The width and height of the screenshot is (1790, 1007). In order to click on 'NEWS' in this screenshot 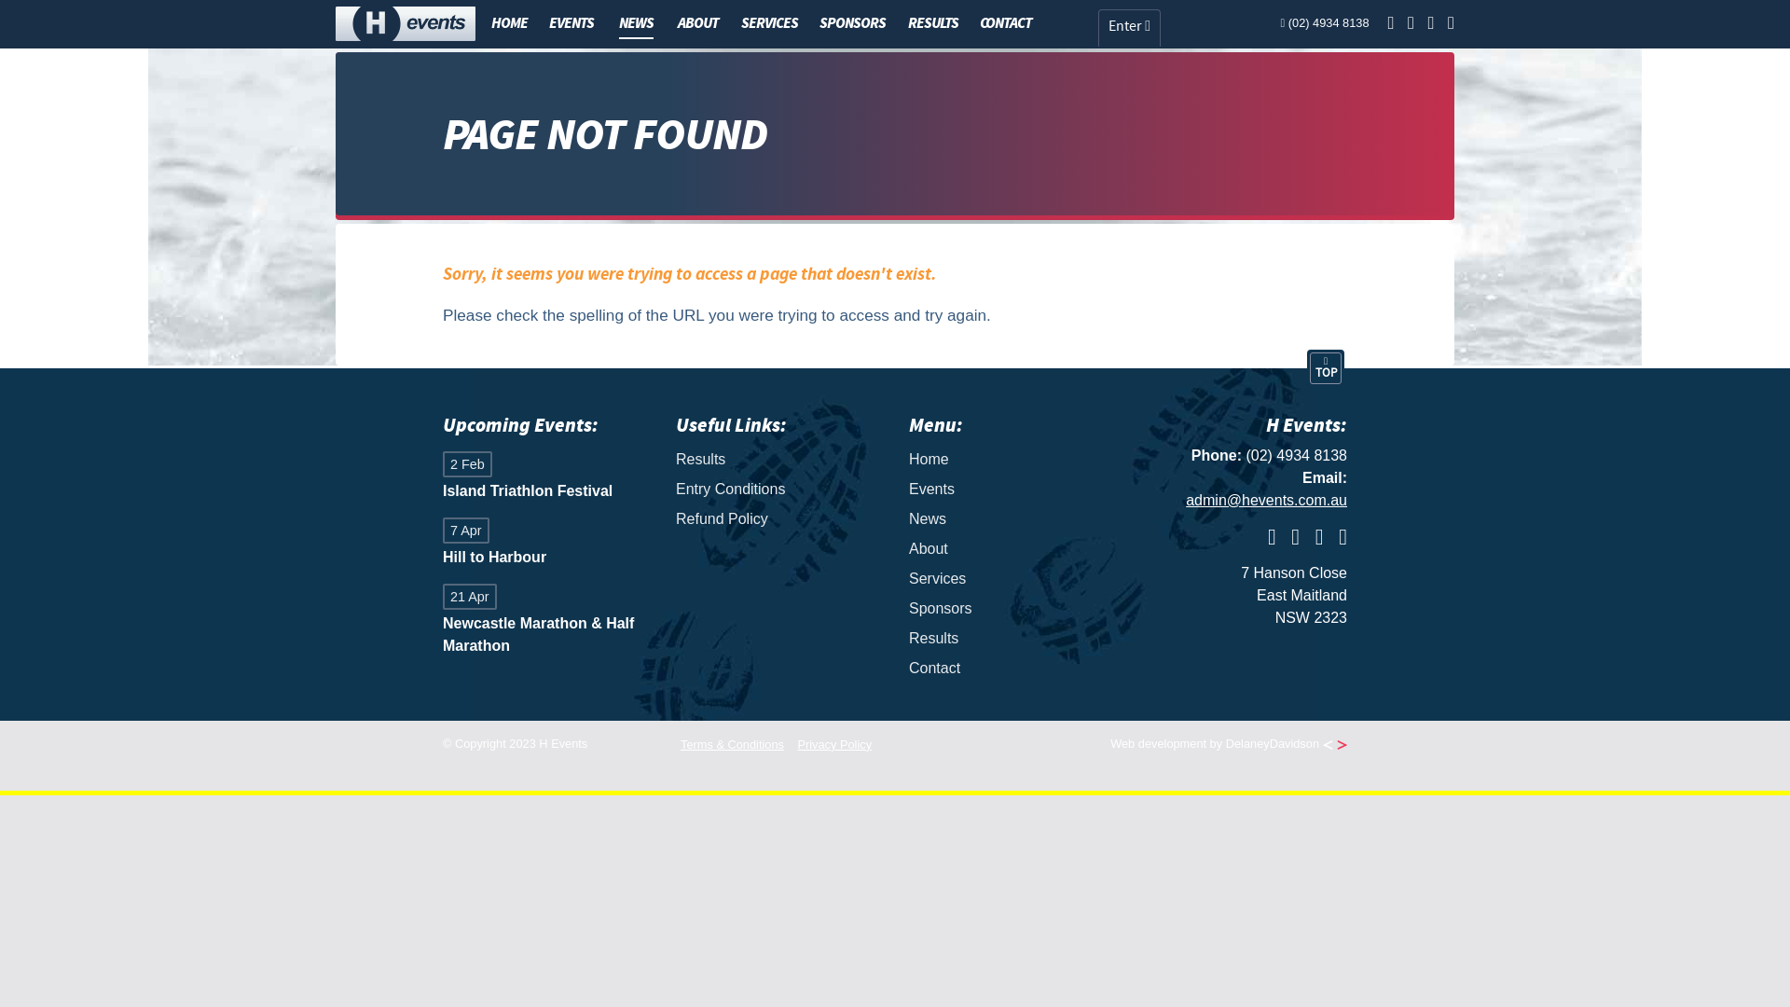, I will do `click(636, 24)`.